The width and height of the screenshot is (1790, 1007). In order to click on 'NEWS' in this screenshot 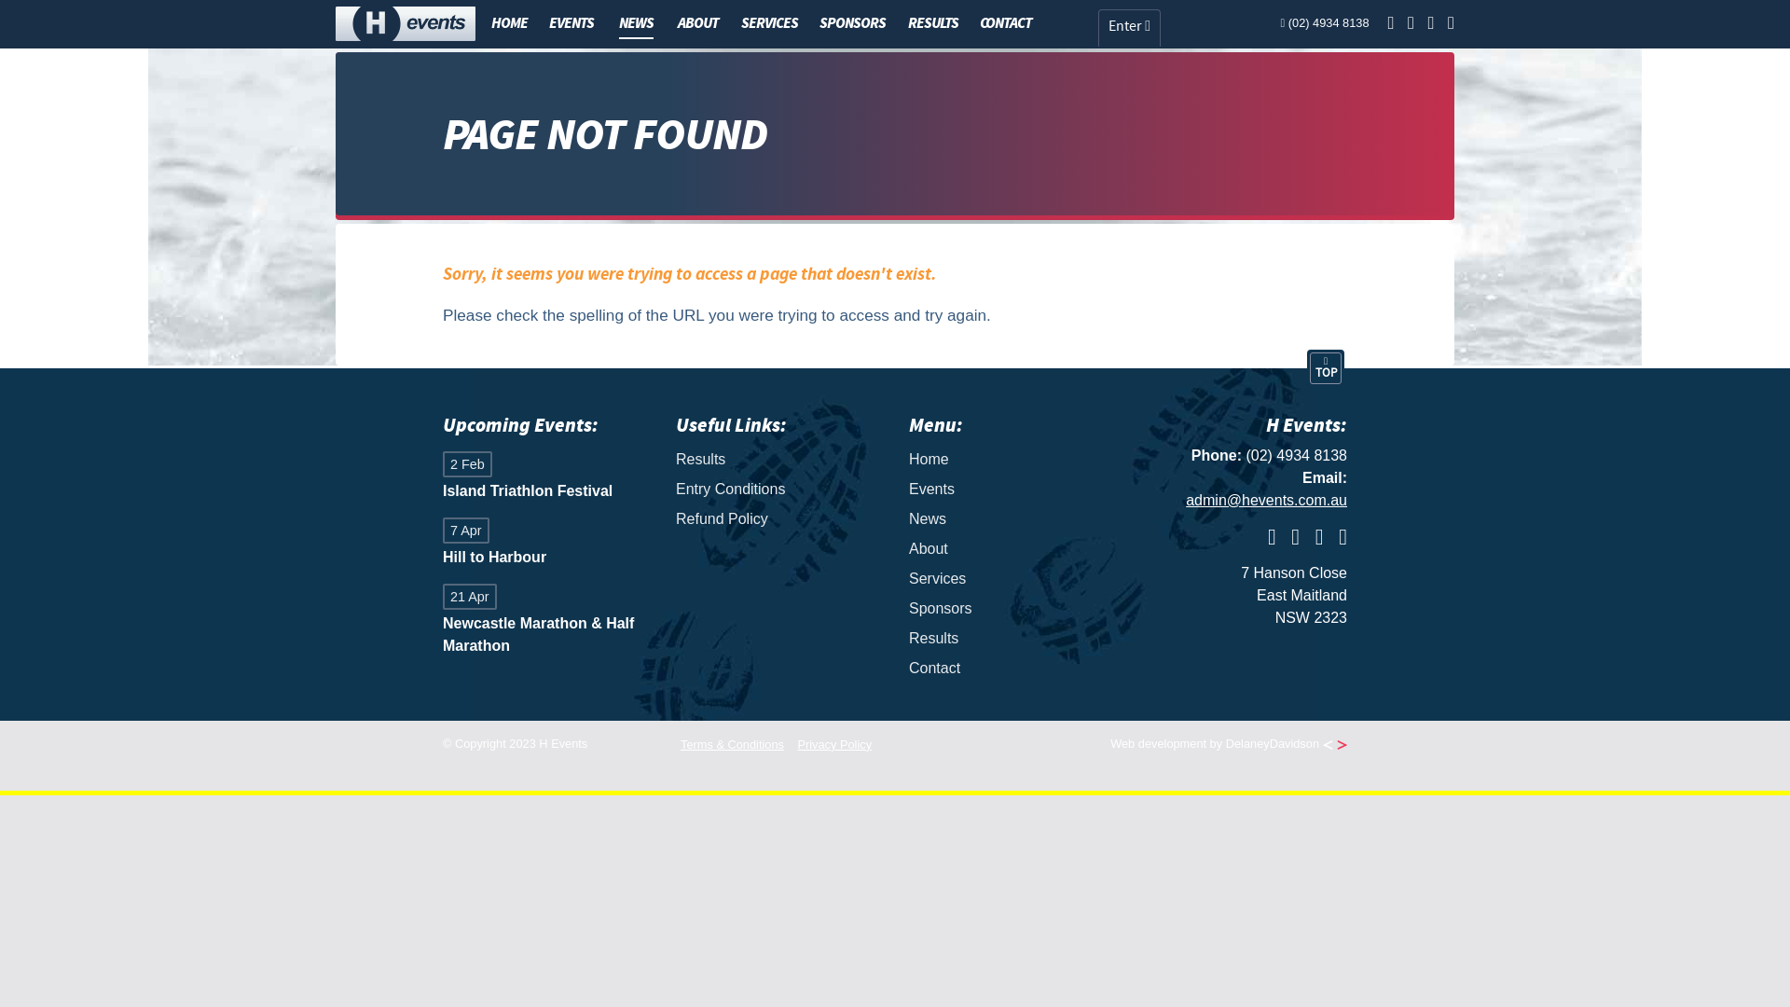, I will do `click(636, 24)`.